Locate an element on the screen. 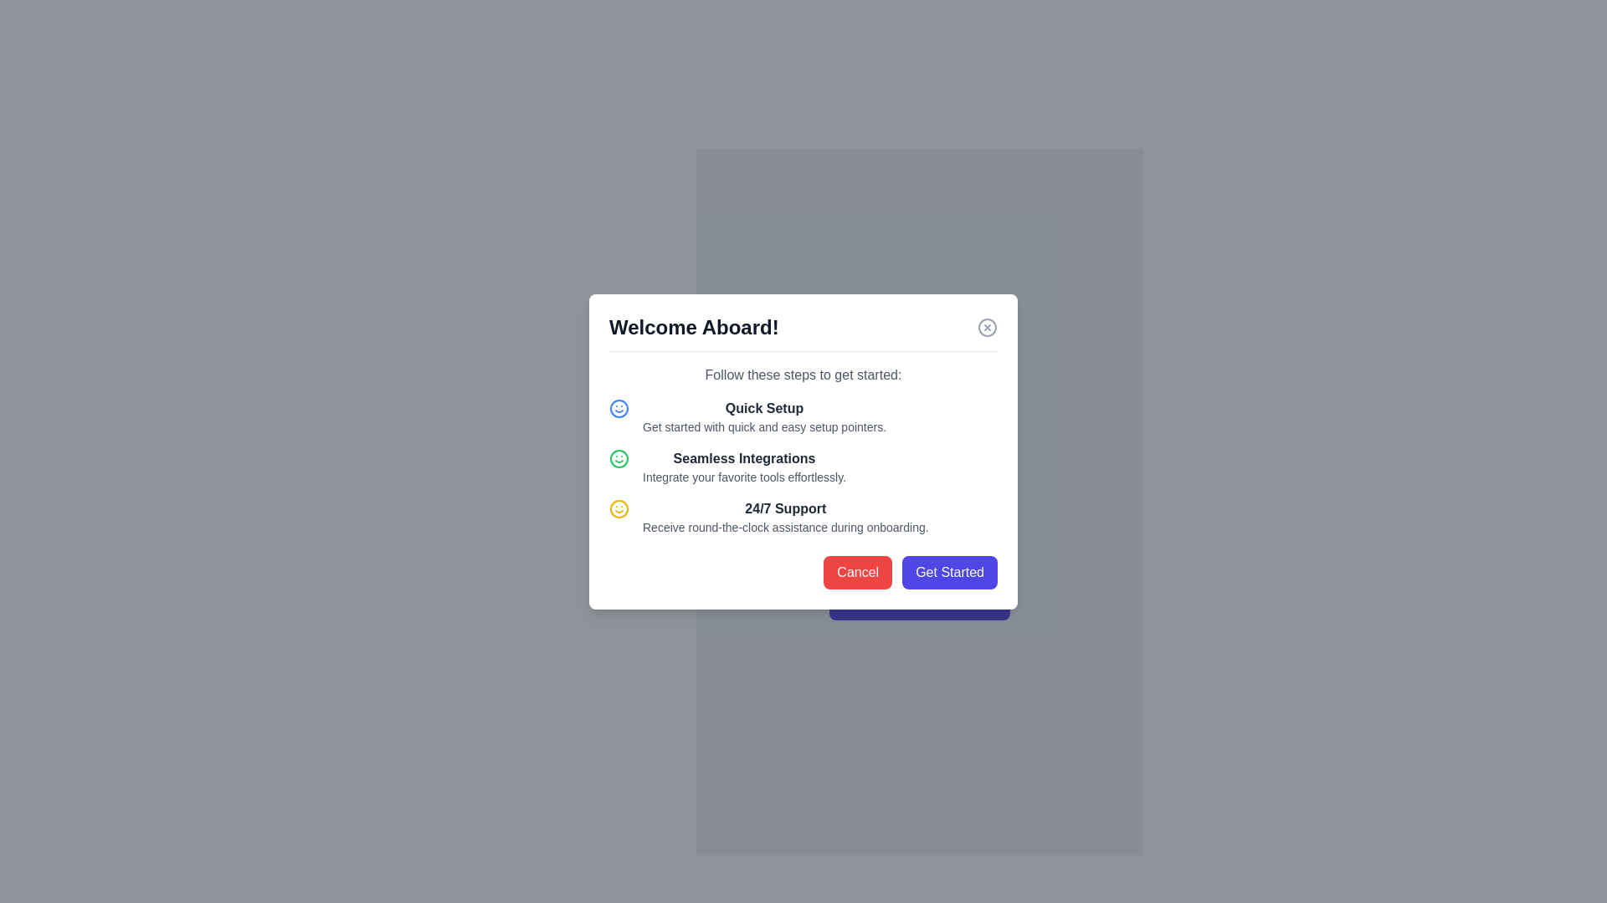  the UI text block titled 'Seamless Integrations' is located at coordinates (743, 467).